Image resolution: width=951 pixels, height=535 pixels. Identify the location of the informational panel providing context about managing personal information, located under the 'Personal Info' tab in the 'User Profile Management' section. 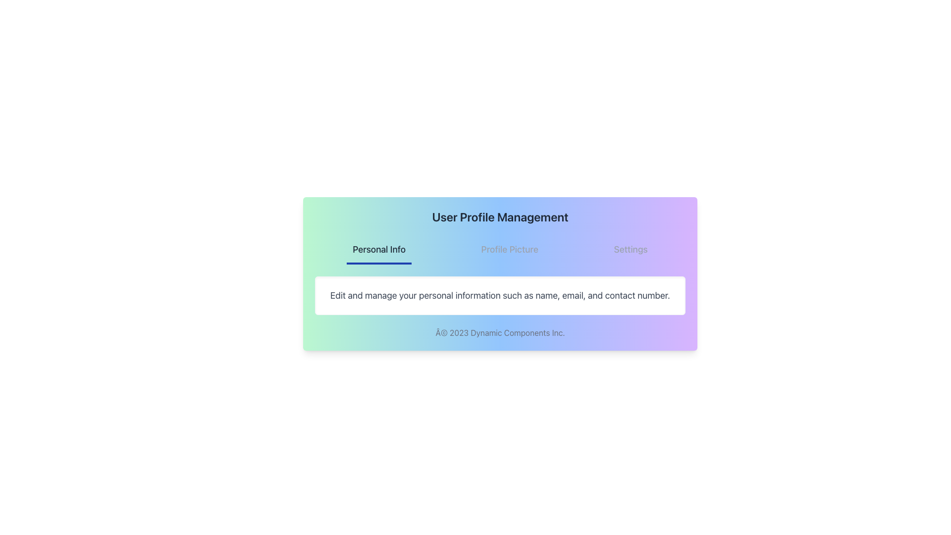
(500, 295).